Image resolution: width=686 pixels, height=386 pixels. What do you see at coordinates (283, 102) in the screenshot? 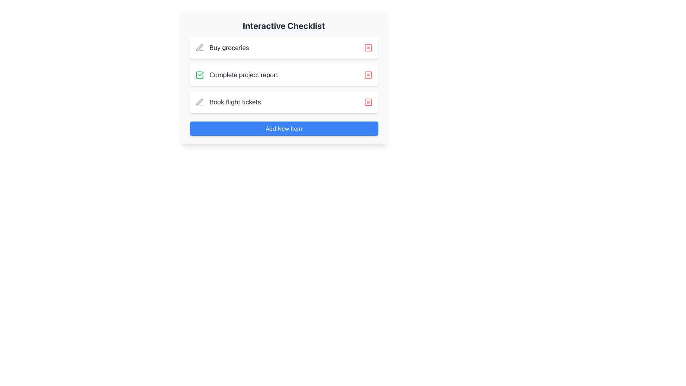
I see `the third item in the checklist, which is positioned at the bottom of the list` at bounding box center [283, 102].